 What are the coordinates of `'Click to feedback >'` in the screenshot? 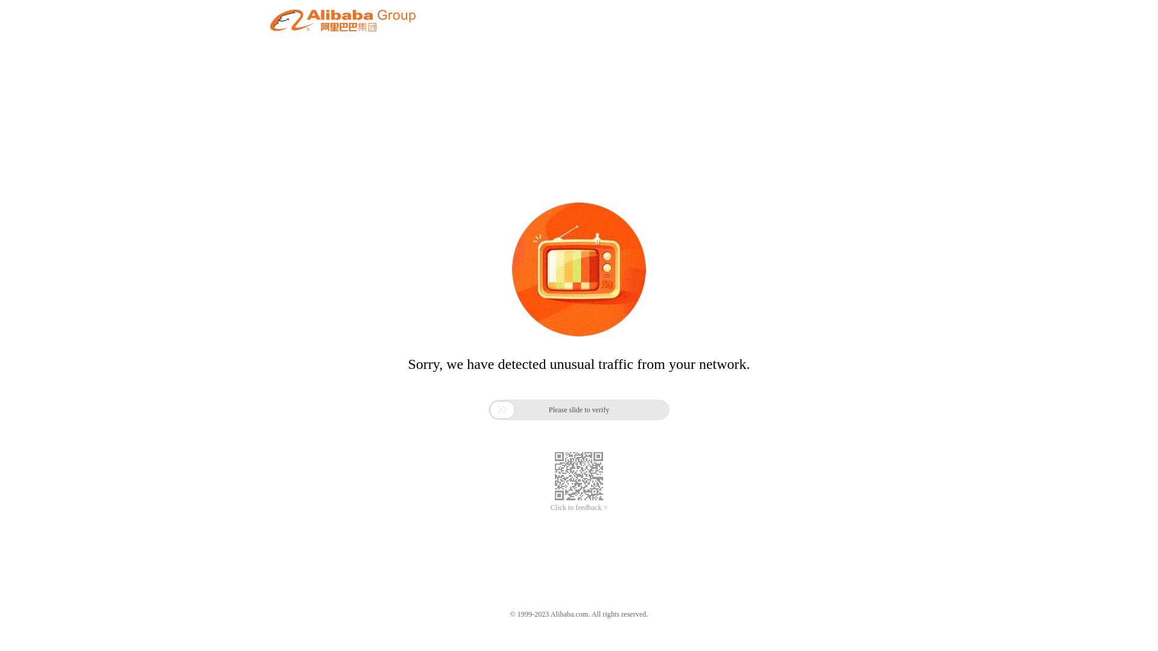 It's located at (579, 508).